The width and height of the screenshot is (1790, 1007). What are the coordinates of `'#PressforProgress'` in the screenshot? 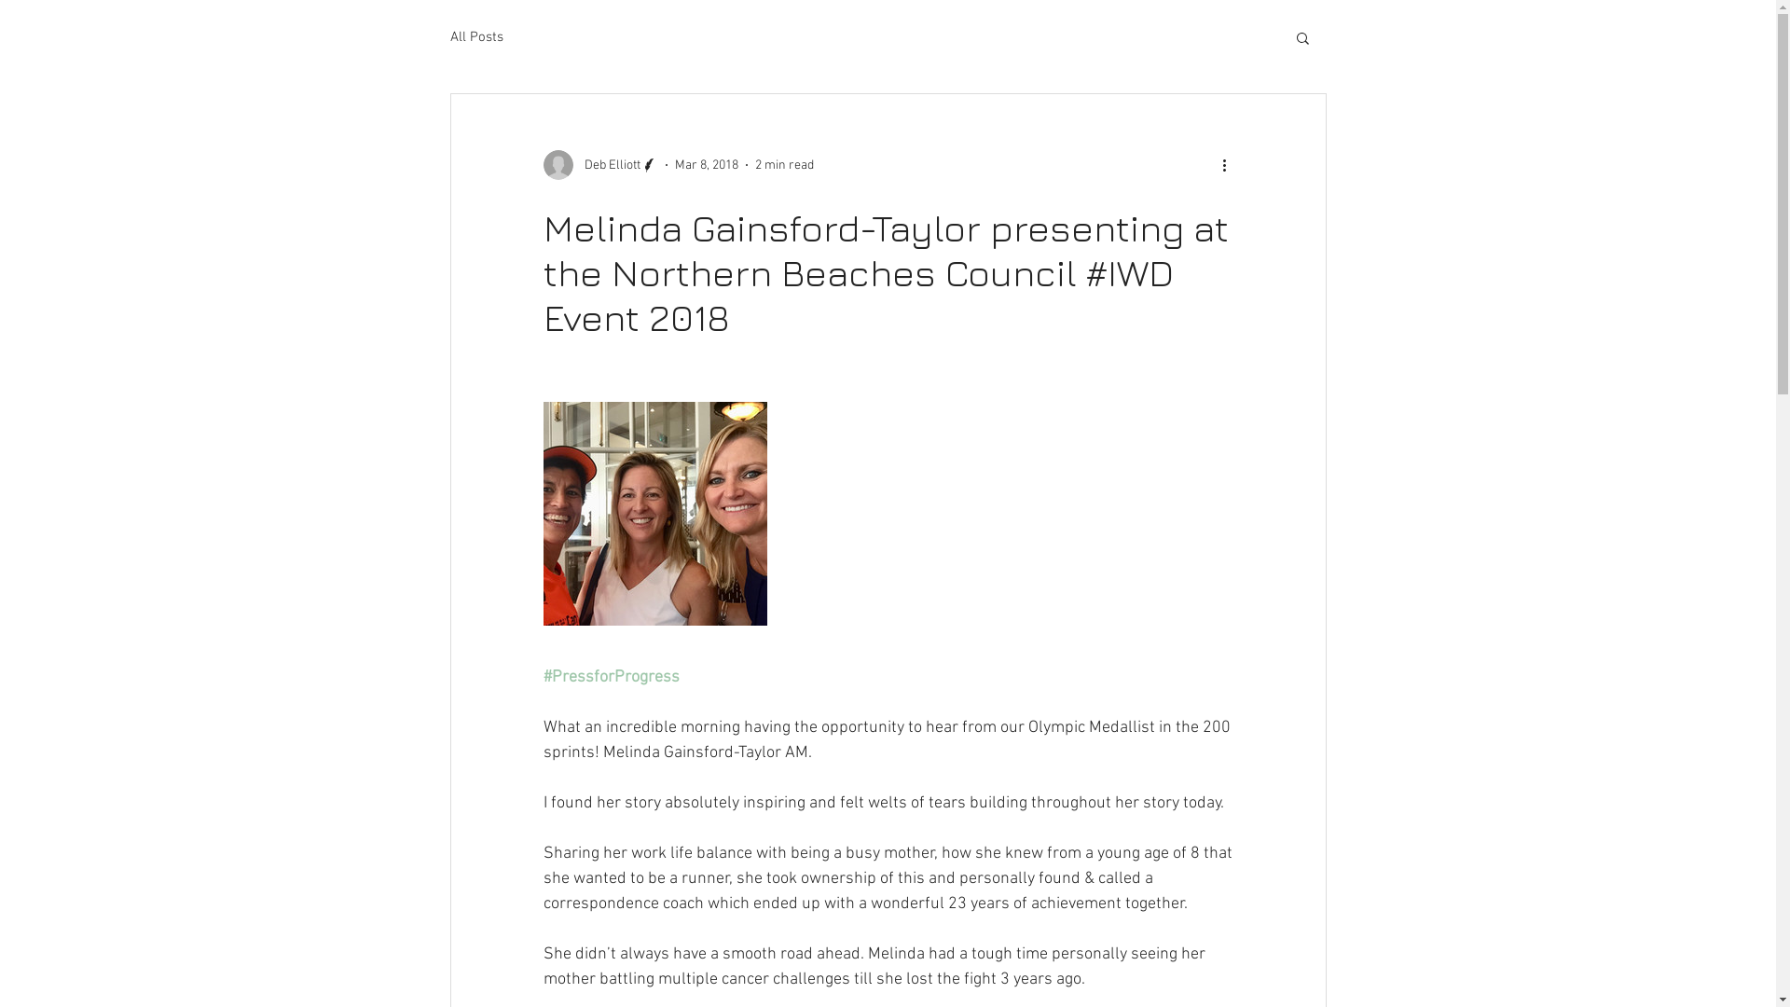 It's located at (610, 677).